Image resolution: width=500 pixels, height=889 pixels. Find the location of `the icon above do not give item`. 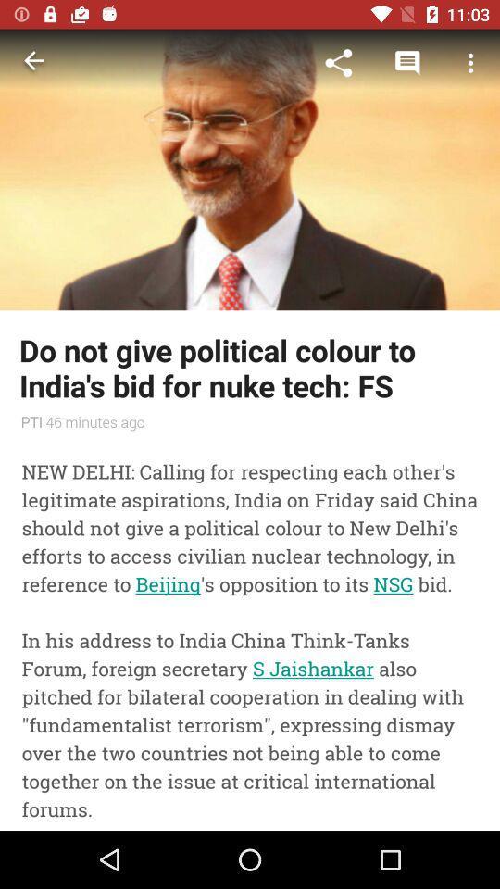

the icon above do not give item is located at coordinates (33, 63).